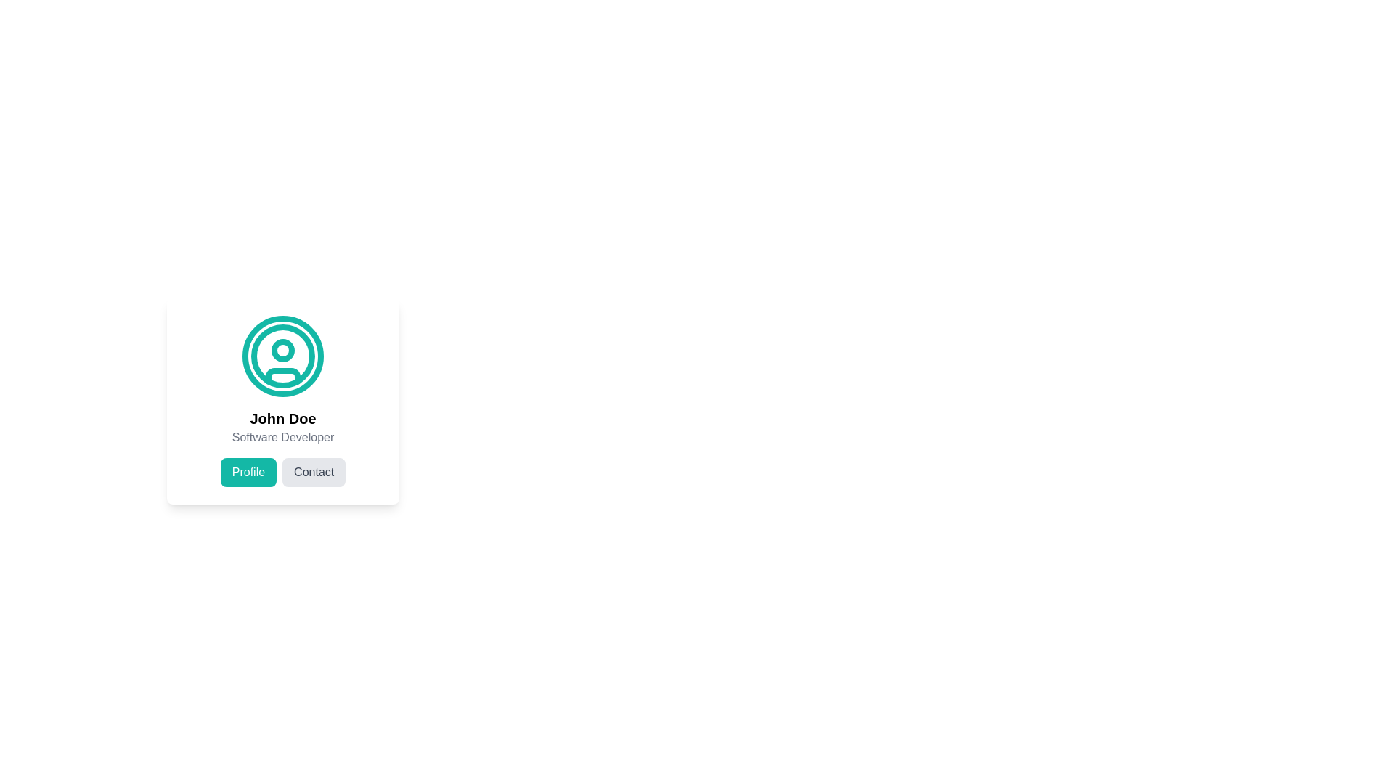  What do you see at coordinates (282, 356) in the screenshot?
I see `the teal-colored Decorative Circle SVG component, which is the innermost circle of a user-related icon located above the text 'John Doe'` at bounding box center [282, 356].